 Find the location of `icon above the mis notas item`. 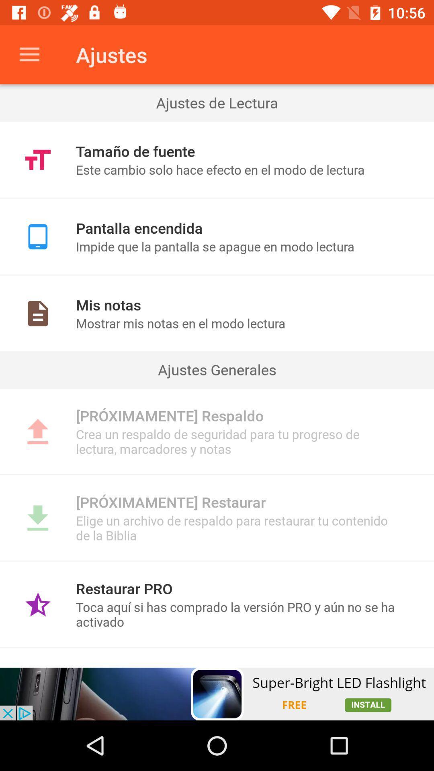

icon above the mis notas item is located at coordinates (217, 275).